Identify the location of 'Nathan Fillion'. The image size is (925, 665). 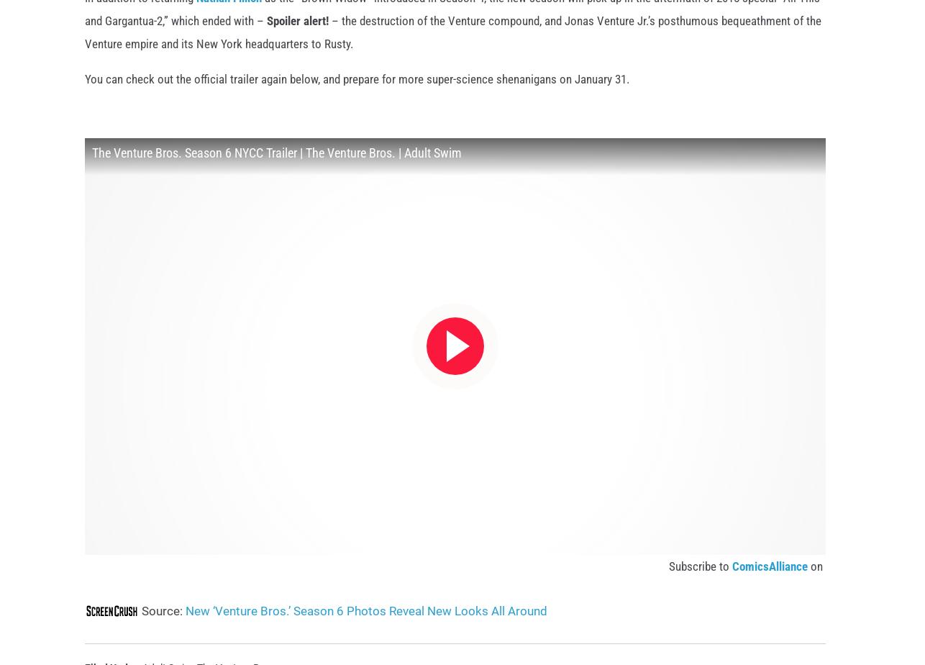
(229, 19).